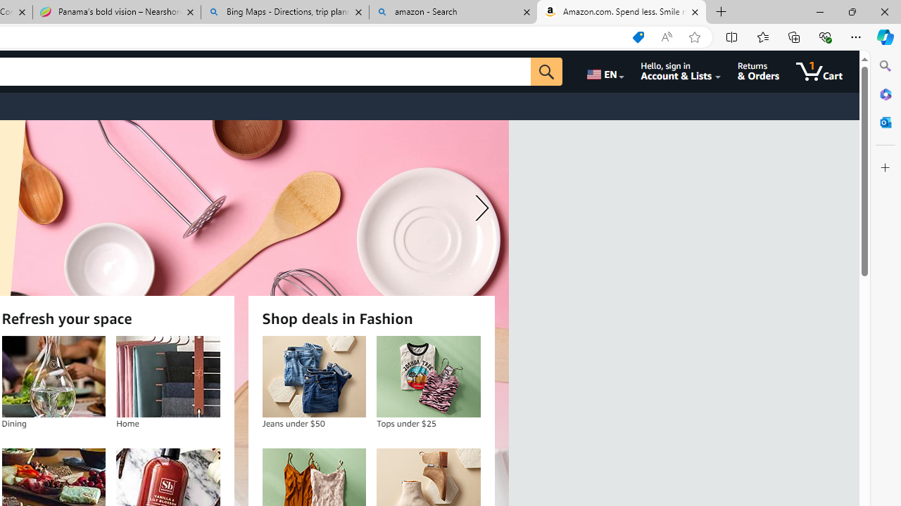  What do you see at coordinates (53, 376) in the screenshot?
I see `'Dining'` at bounding box center [53, 376].